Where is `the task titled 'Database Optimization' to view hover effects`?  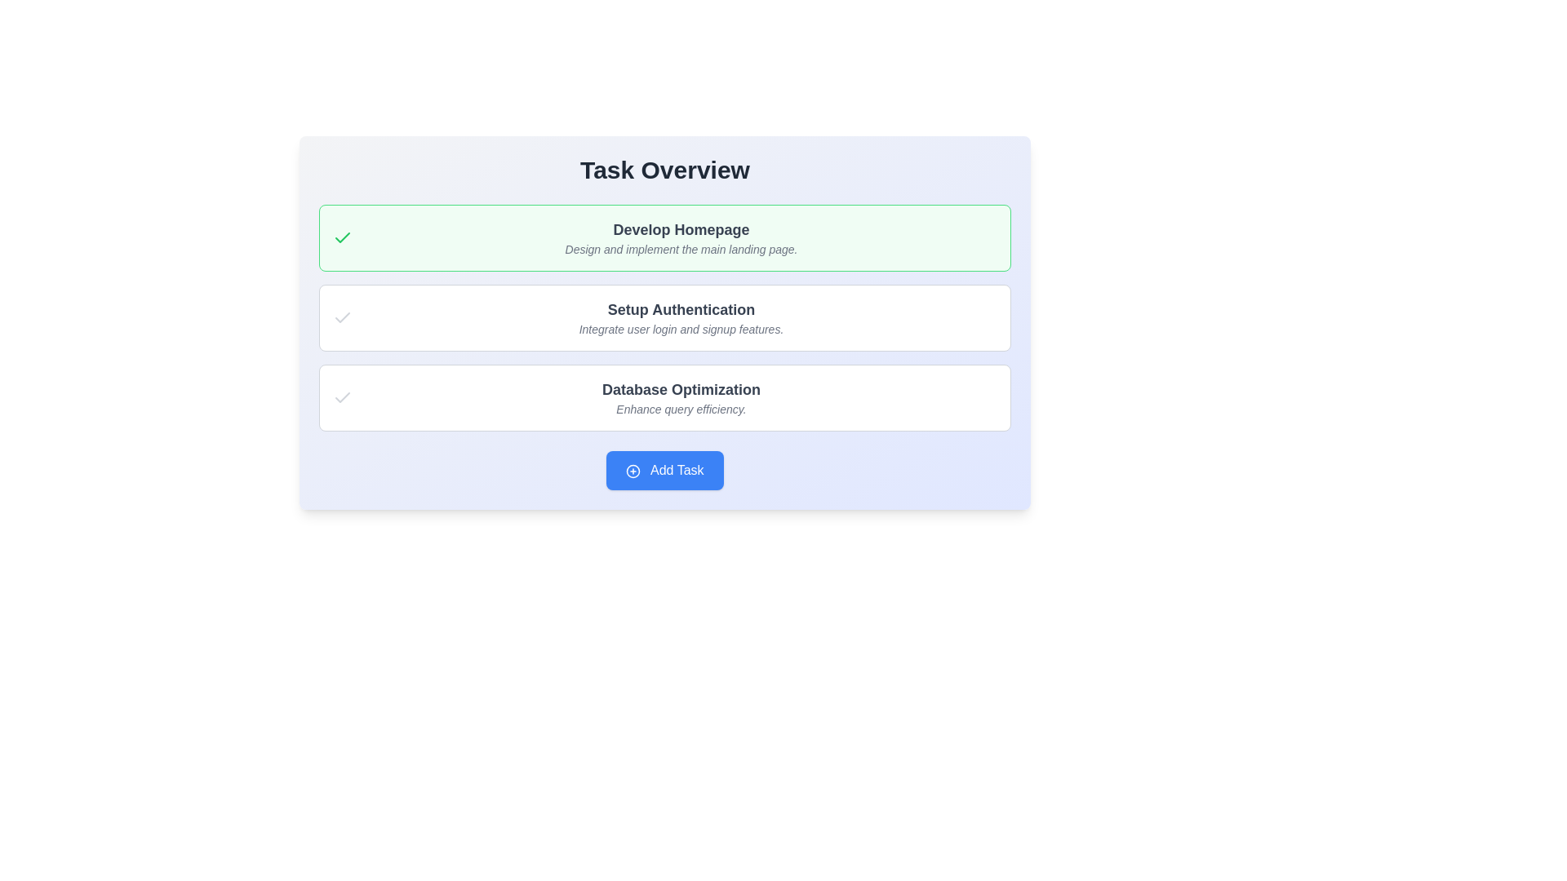 the task titled 'Database Optimization' to view hover effects is located at coordinates (665, 398).